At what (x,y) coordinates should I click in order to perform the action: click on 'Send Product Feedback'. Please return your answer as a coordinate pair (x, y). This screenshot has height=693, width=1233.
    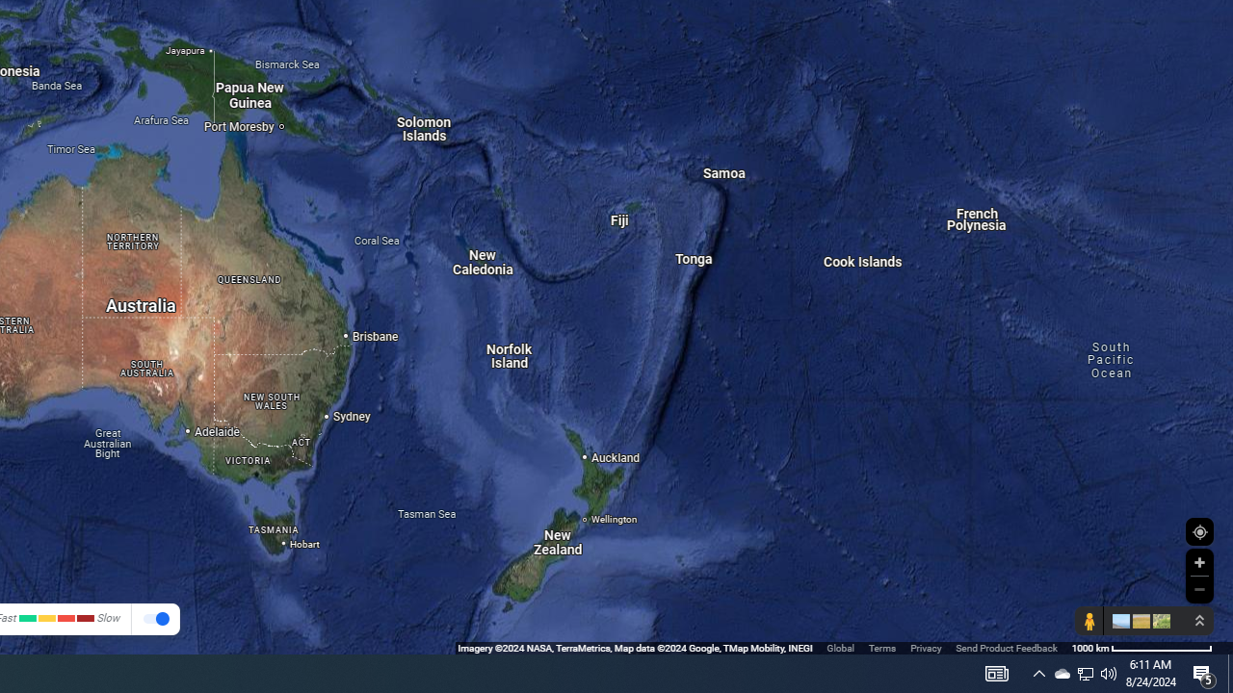
    Looking at the image, I should click on (1006, 648).